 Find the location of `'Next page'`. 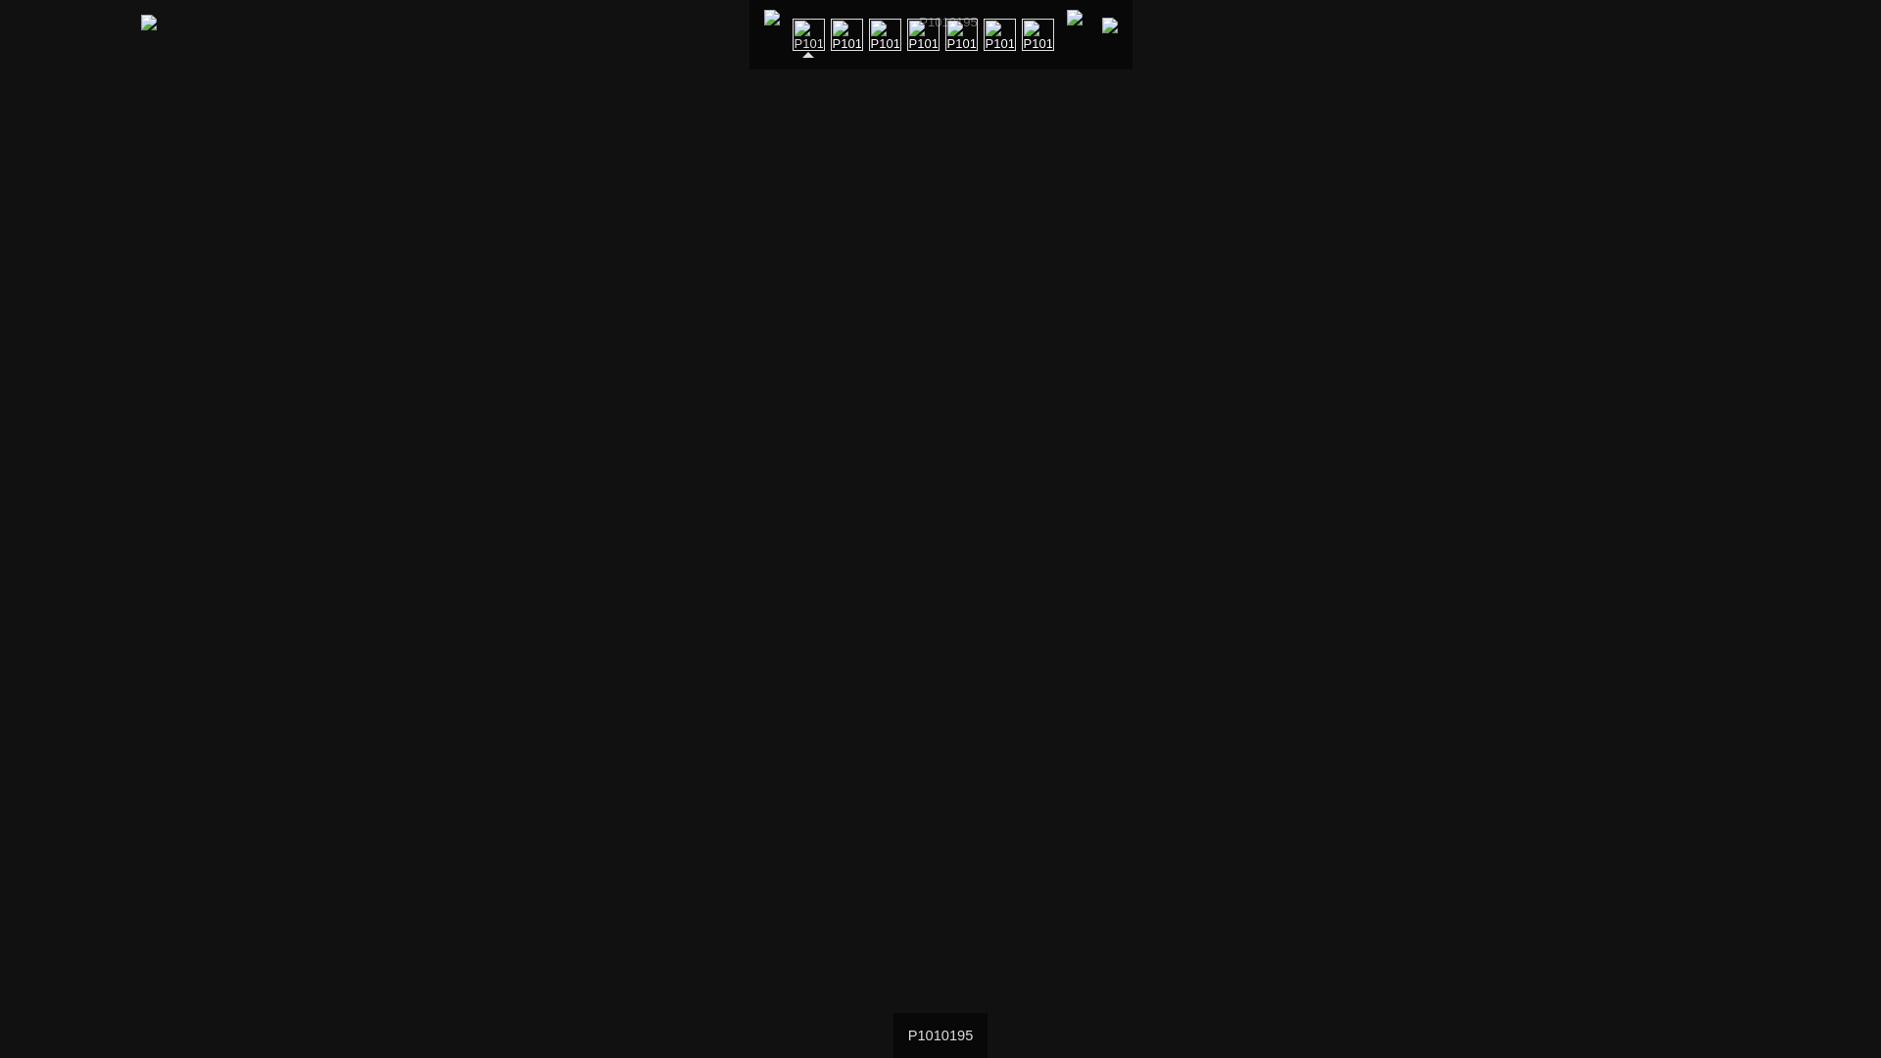

'Next page' is located at coordinates (1109, 34).